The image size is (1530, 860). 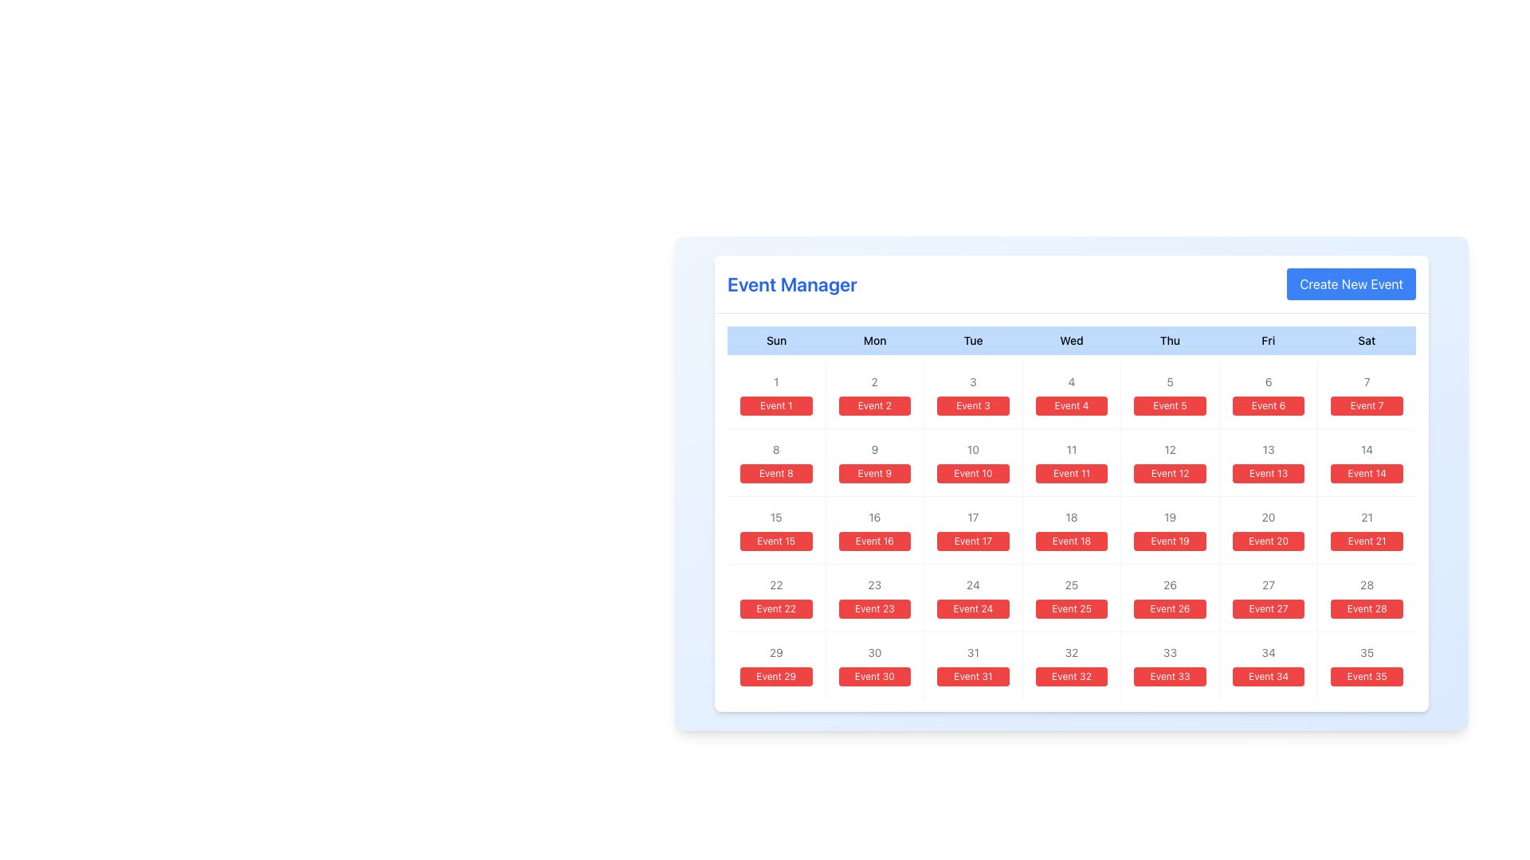 I want to click on the static text label representing the date number '16' in the calendar interface, located in the fourth row and second column under 'Mon', so click(x=873, y=518).